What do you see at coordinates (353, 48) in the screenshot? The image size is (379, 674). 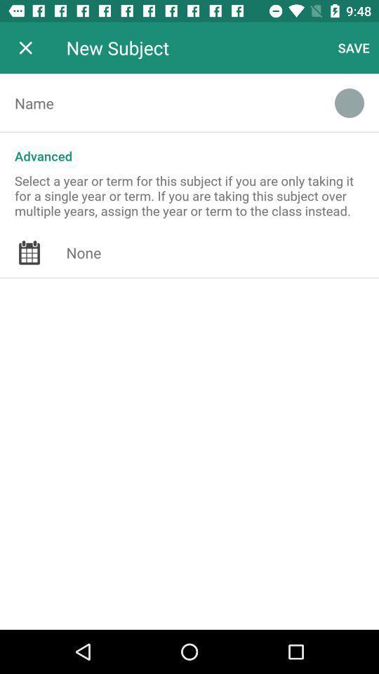 I see `the save icon` at bounding box center [353, 48].